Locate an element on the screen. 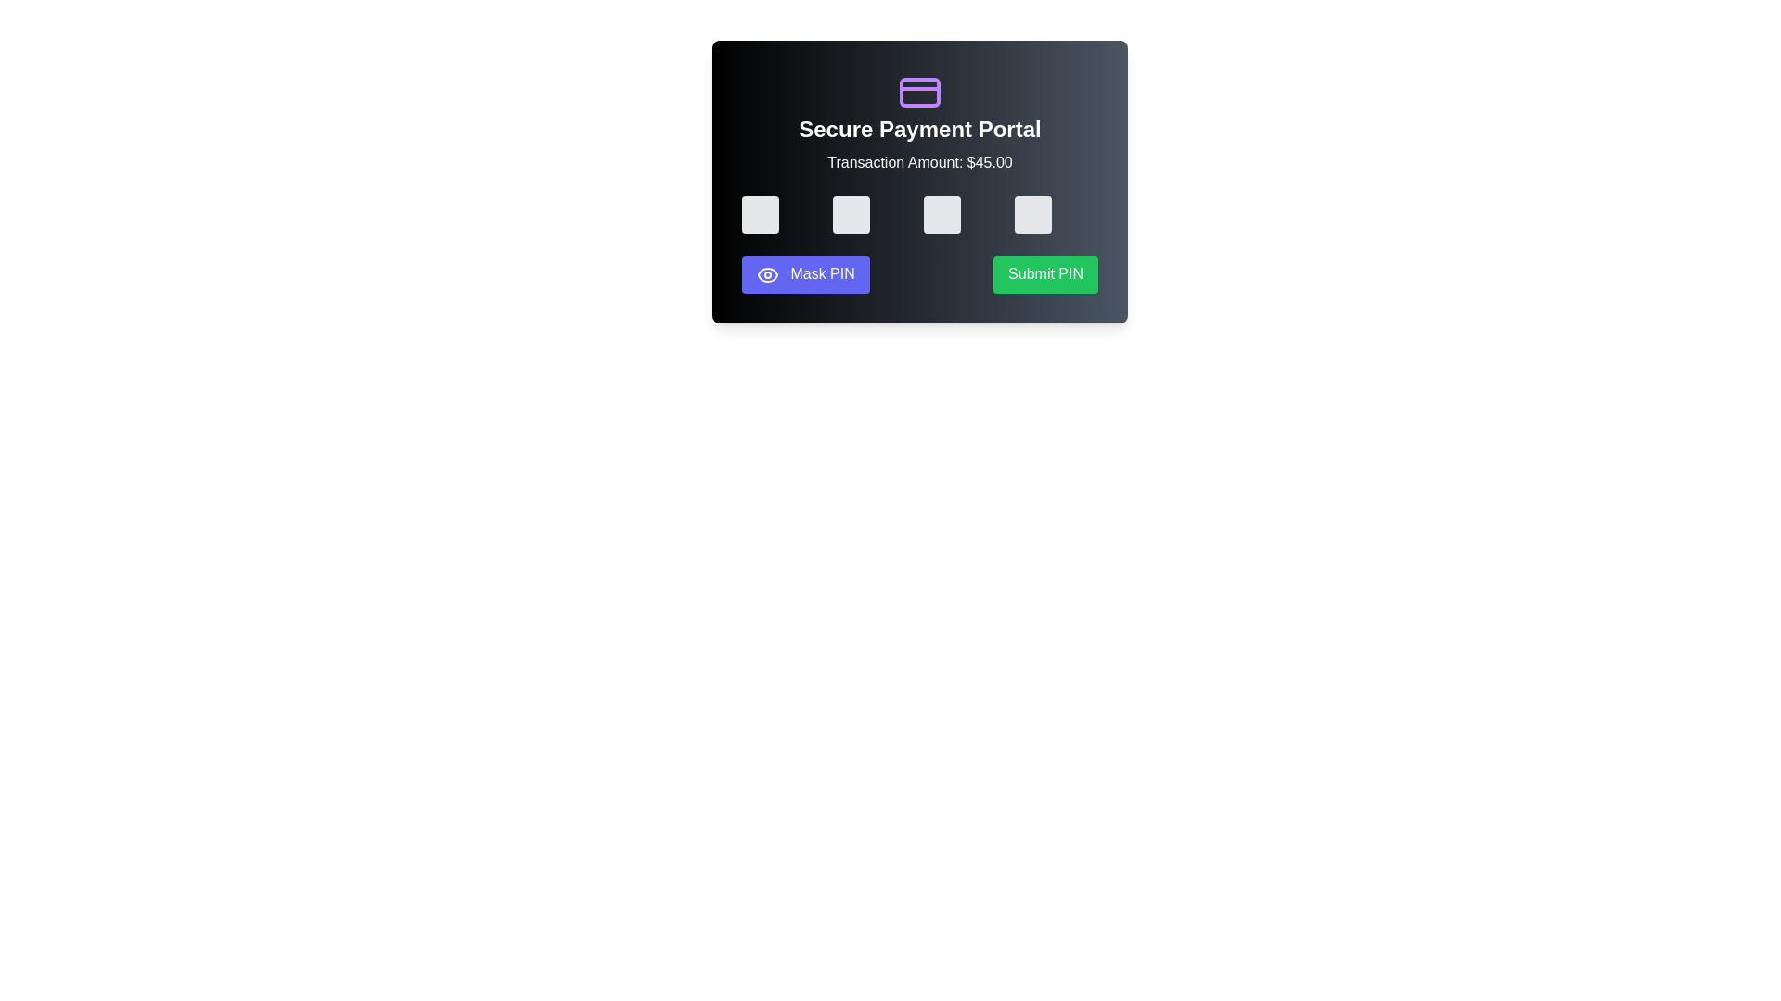 The image size is (1781, 1001). the 'Mask PIN' button, which is a rectangular button with rounded corners and a purple background is located at coordinates (805, 274).